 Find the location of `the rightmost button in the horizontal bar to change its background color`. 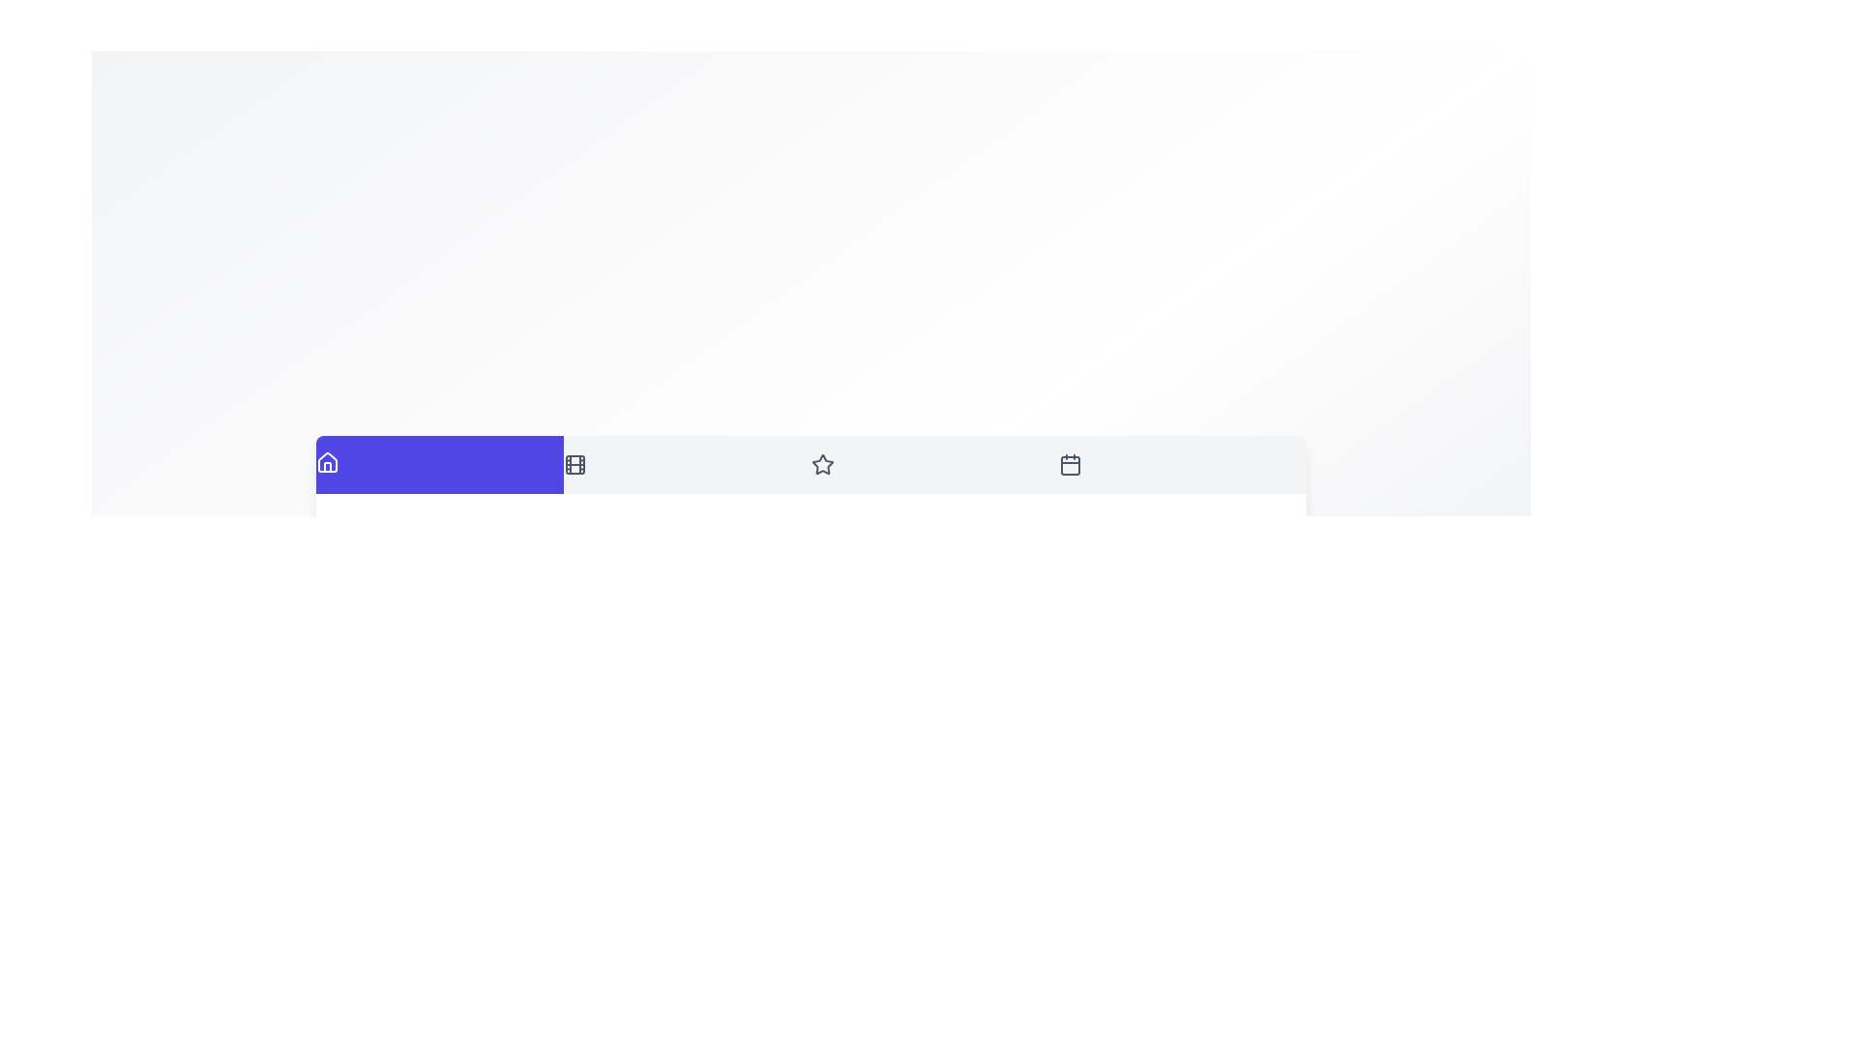

the rightmost button in the horizontal bar to change its background color is located at coordinates (1182, 464).